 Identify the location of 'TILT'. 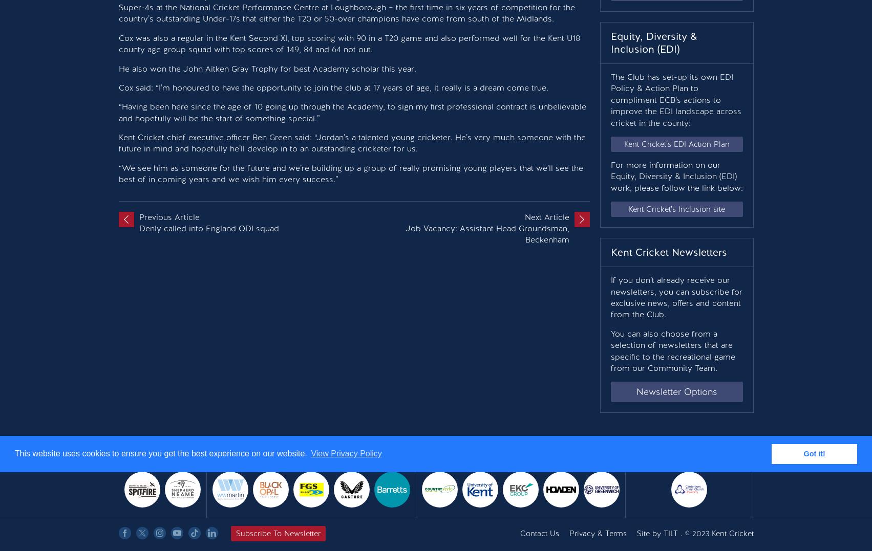
(669, 533).